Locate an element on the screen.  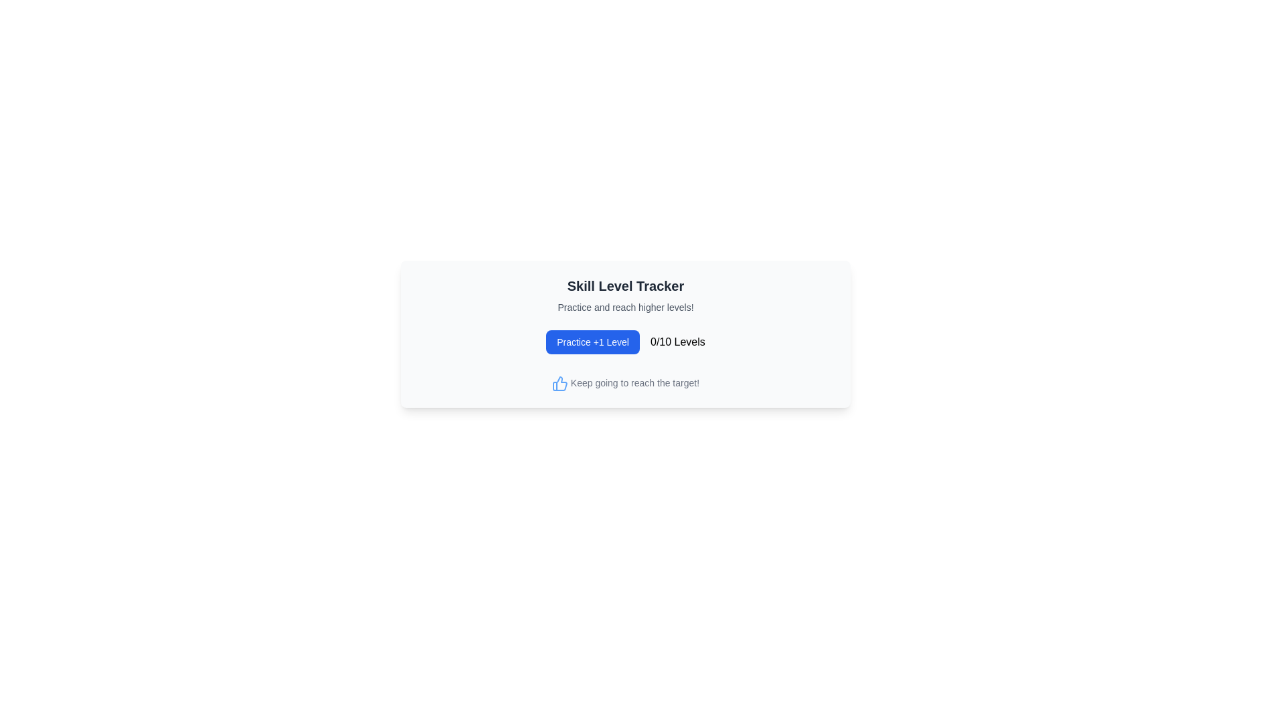
the text label displaying '0/10 Levels', which is styled in bold font and located to the right of the blue 'Practice +1 Level' button is located at coordinates (677, 342).